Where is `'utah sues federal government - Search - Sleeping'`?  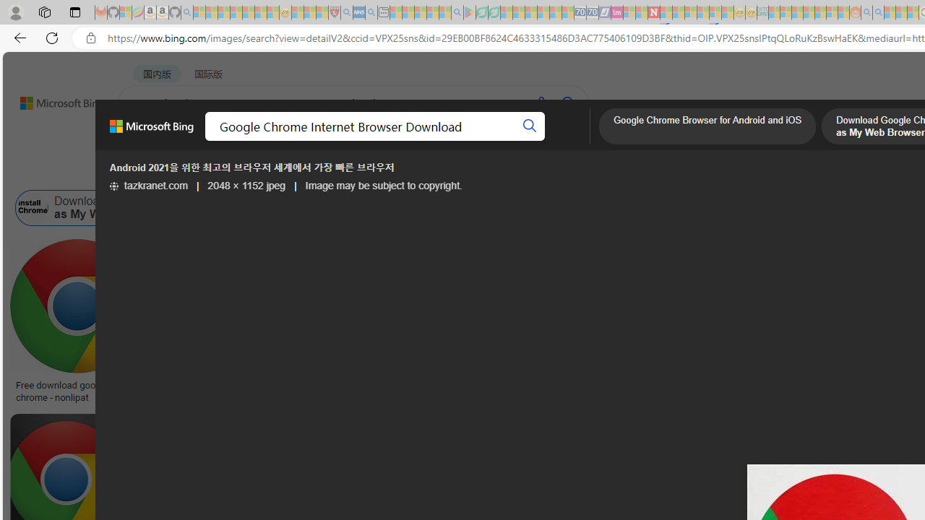 'utah sues federal government - Search - Sleeping' is located at coordinates (371, 12).